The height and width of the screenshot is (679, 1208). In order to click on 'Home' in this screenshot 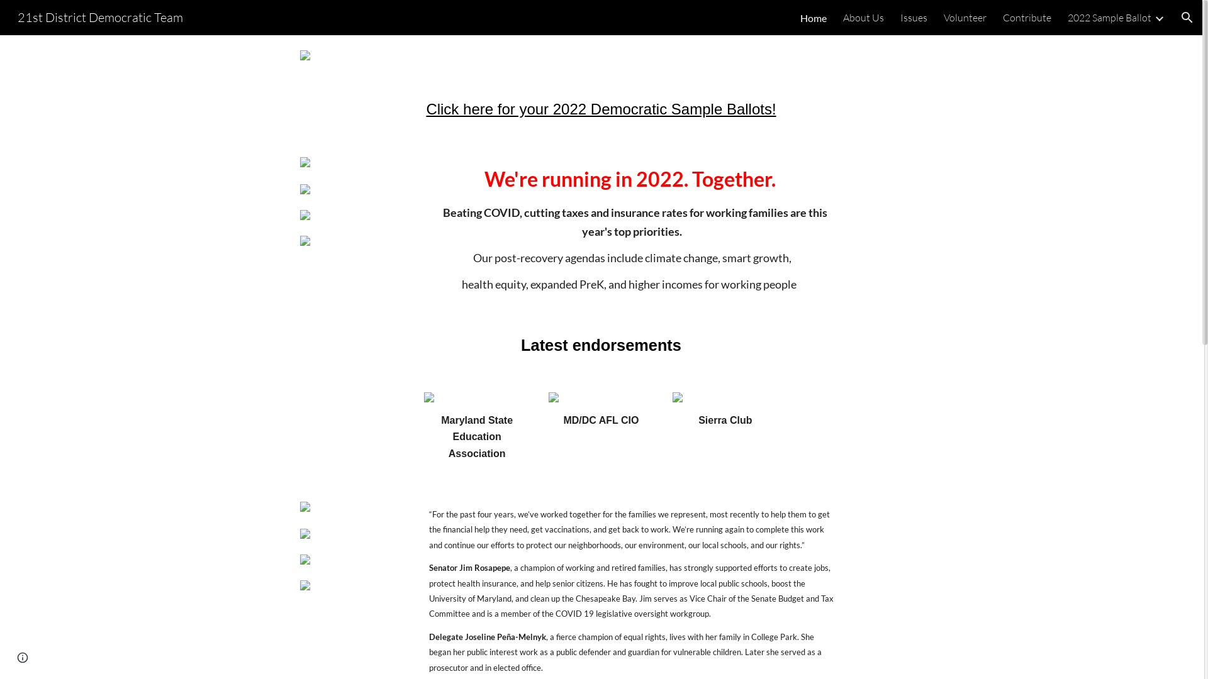, I will do `click(813, 17)`.